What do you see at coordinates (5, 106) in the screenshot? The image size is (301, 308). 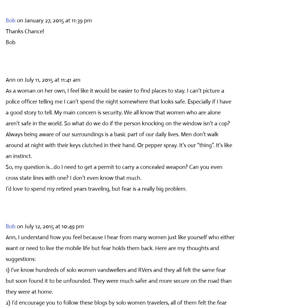 I see `'As a woman on her own, I feel like it would be easier to find places to stay. I can’t picture a police officer telling me I can’t spend the night somewhere that looks safe. Especially if I have a good story to tell. My main concern is security. We all know that women who are alone aren’t safe in the world. So what do we do if the person knocking on the window isn’t a cop?'` at bounding box center [5, 106].